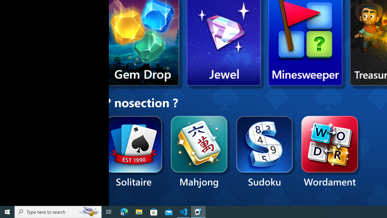  I want to click on 'Mahjong', so click(199, 152).